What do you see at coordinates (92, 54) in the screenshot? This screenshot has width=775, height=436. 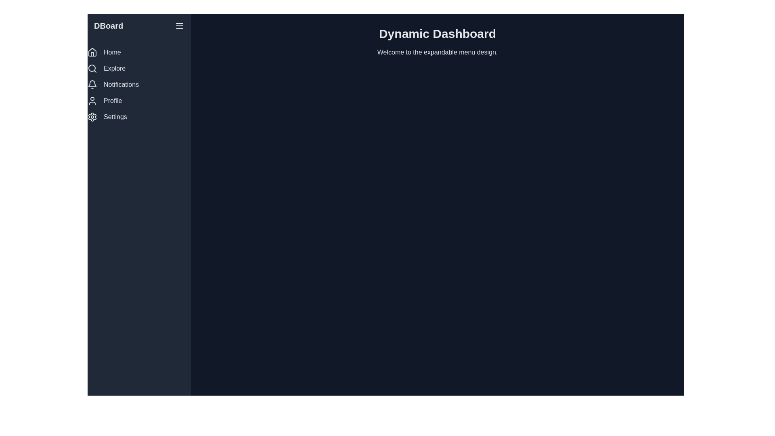 I see `the rectangular-shaped icon feature in the sidebar of the dashboard, which is styled with no fill and a stroke, located above 'Explore' and below 'DBoard'` at bounding box center [92, 54].